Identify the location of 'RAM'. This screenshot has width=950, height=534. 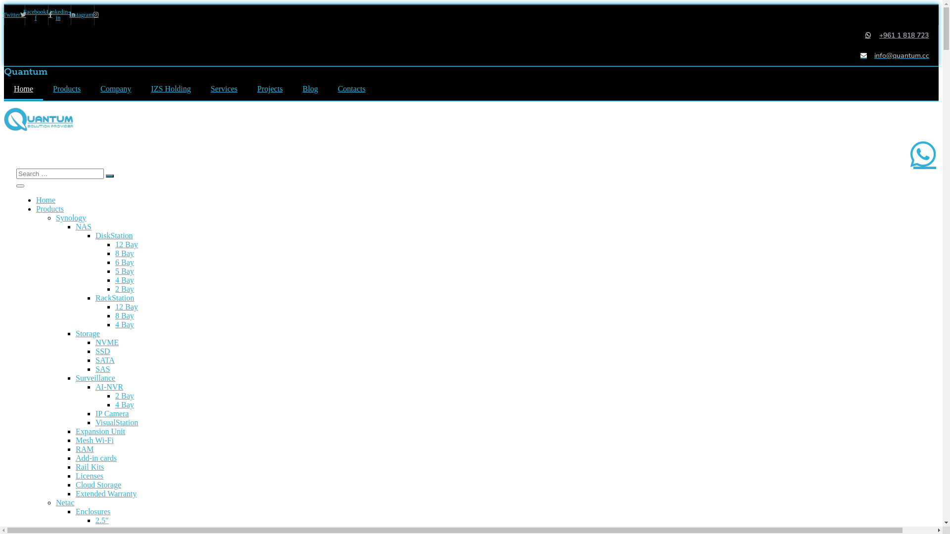
(85, 449).